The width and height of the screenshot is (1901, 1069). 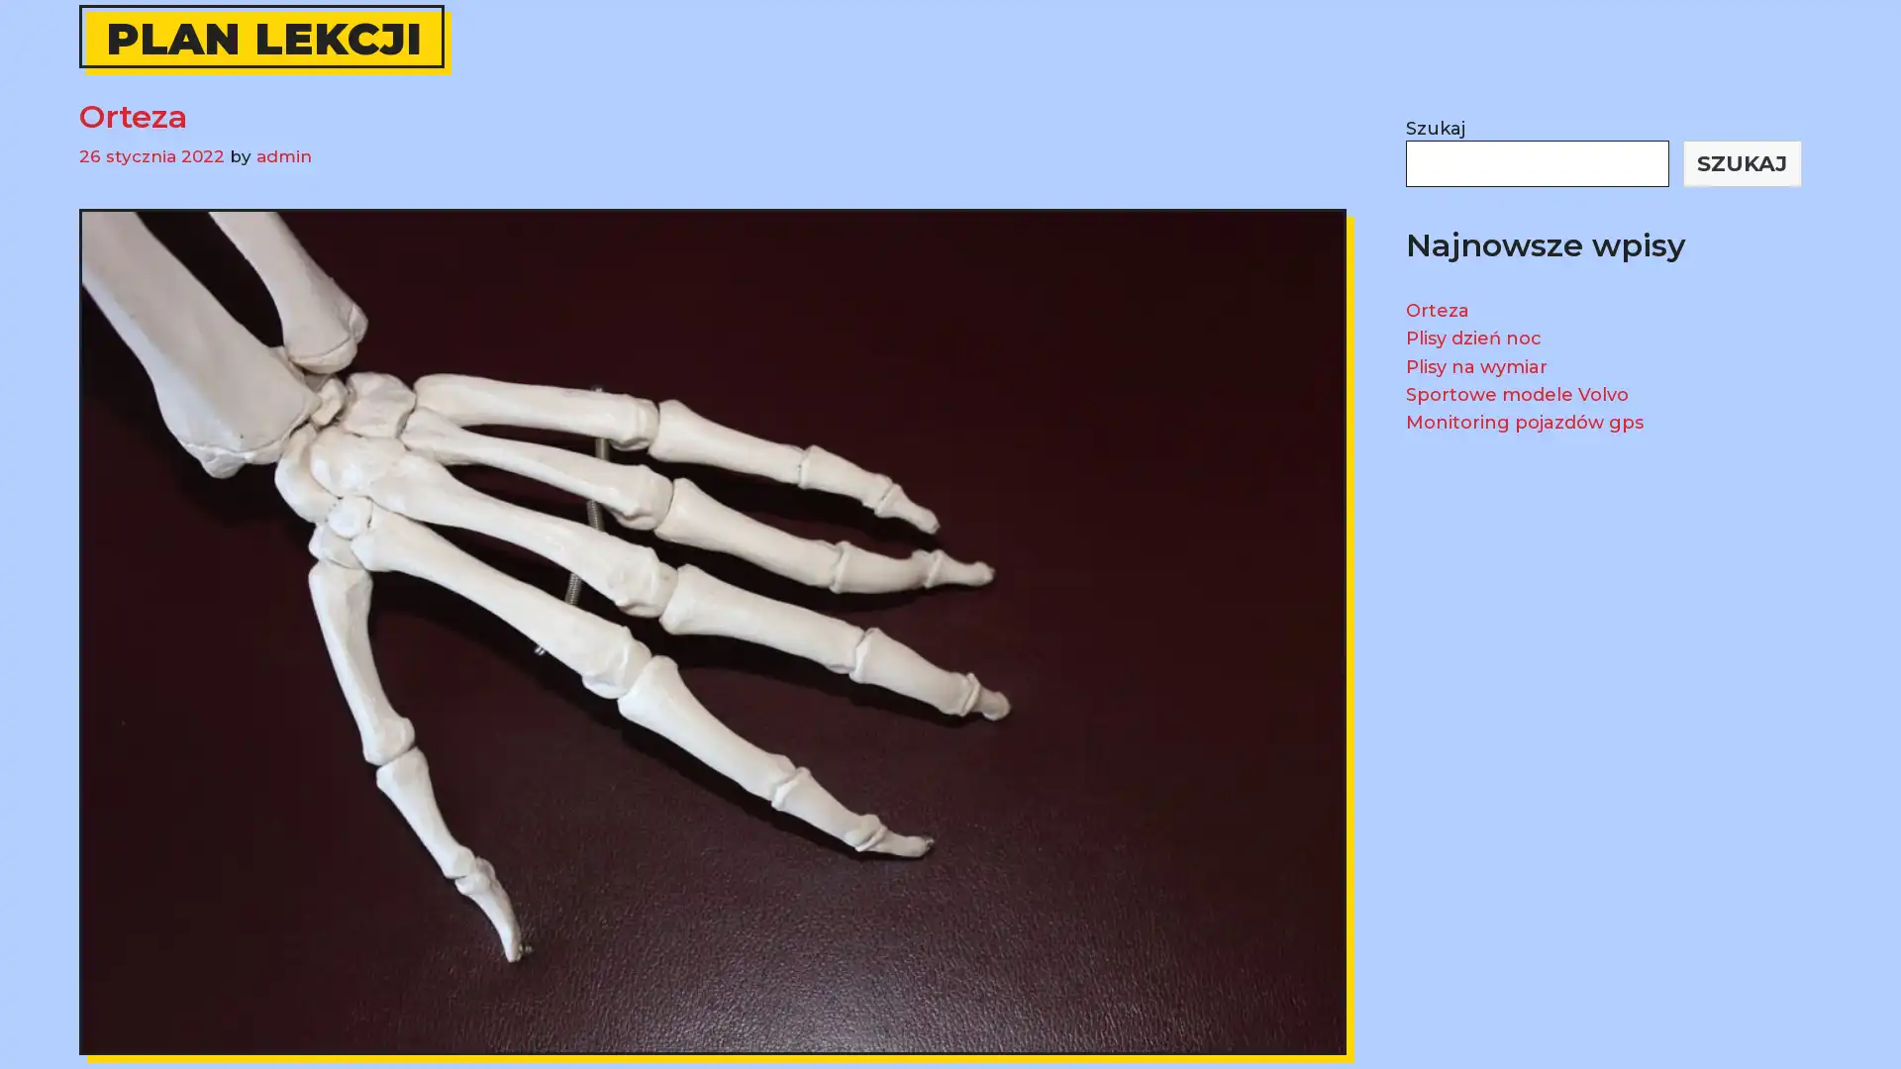 I want to click on SZUKAJ, so click(x=1741, y=162).